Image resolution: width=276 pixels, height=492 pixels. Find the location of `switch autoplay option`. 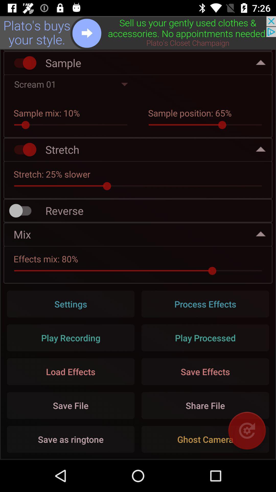

switch autoplay option is located at coordinates (22, 63).